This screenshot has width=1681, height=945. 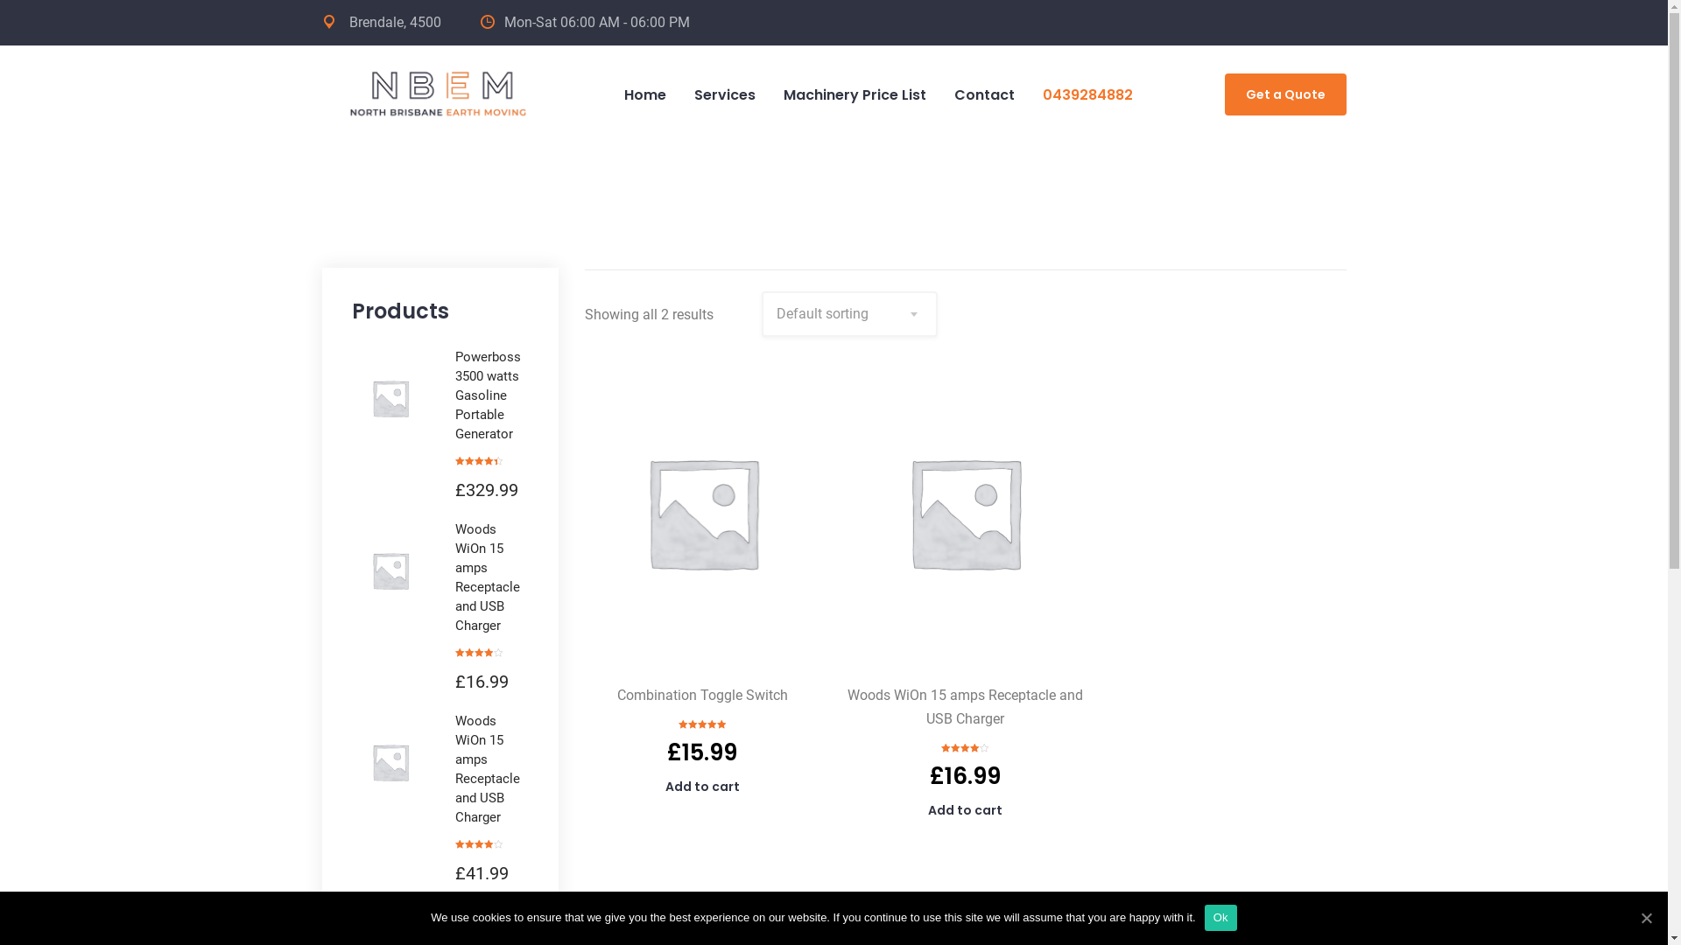 I want to click on 'Add to cart', so click(x=964, y=809).